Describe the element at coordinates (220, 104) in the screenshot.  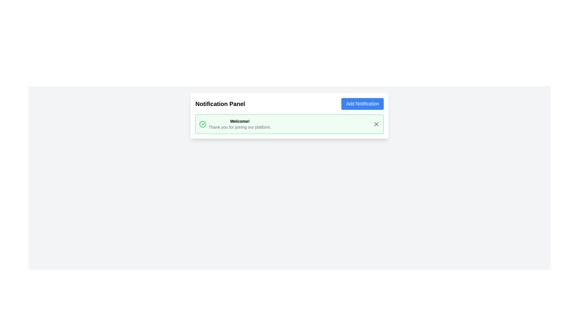
I see `text from the bold, large-sized text label displaying 'Notification Panel' in black font, which is positioned at the left end of the notification header area` at that location.